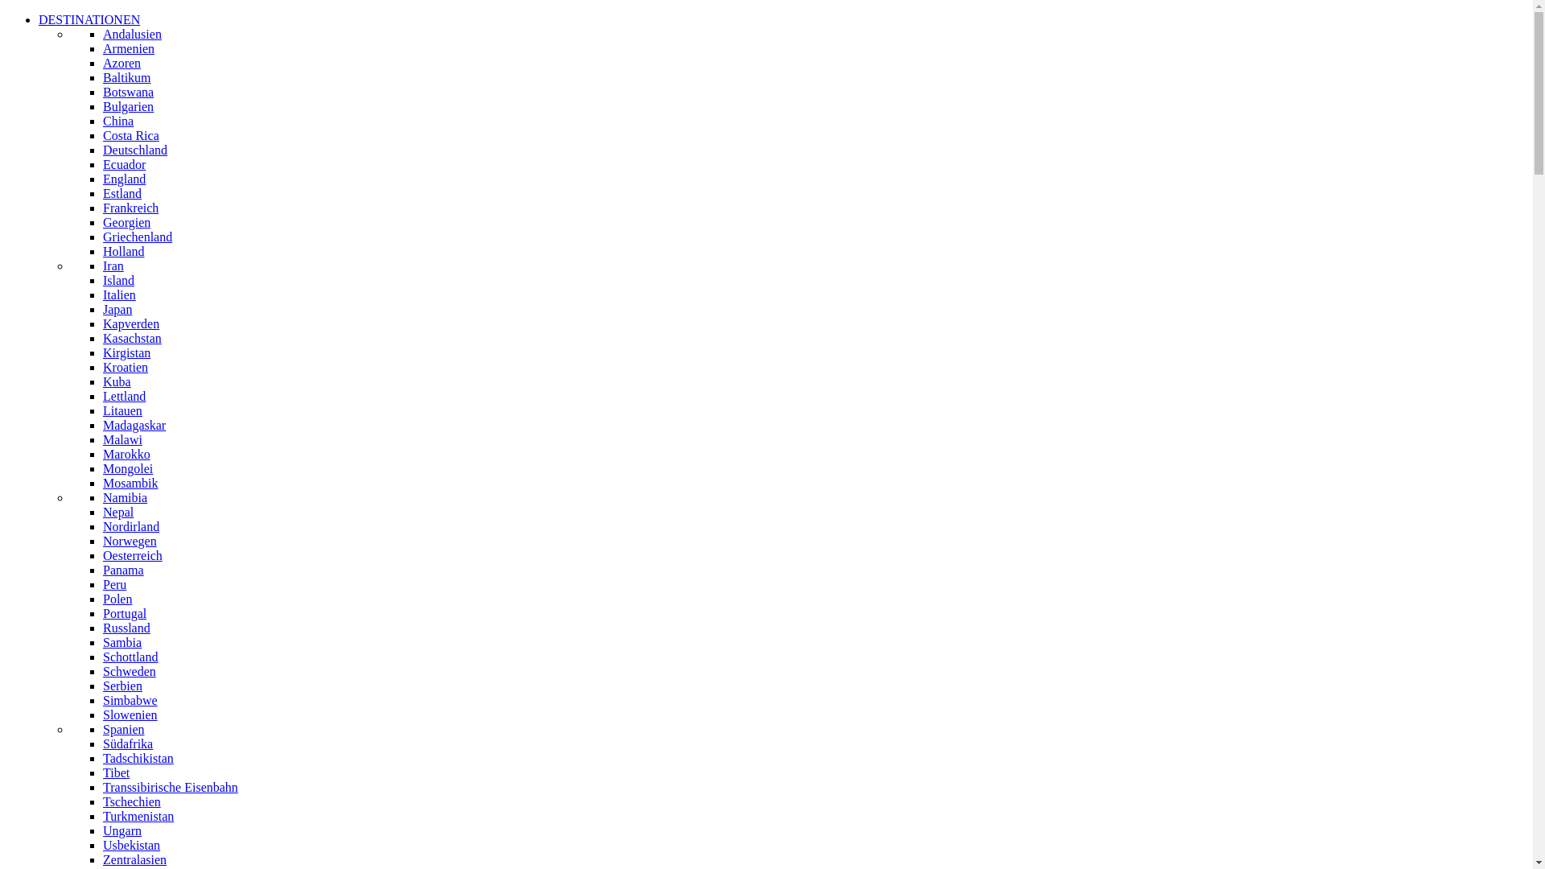  What do you see at coordinates (102, 686) in the screenshot?
I see `'Serbien'` at bounding box center [102, 686].